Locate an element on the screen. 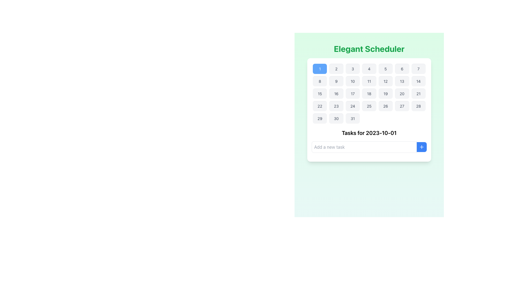 The height and width of the screenshot is (298, 531). the button representing the first day of a month in the calendar view is located at coordinates (320, 68).